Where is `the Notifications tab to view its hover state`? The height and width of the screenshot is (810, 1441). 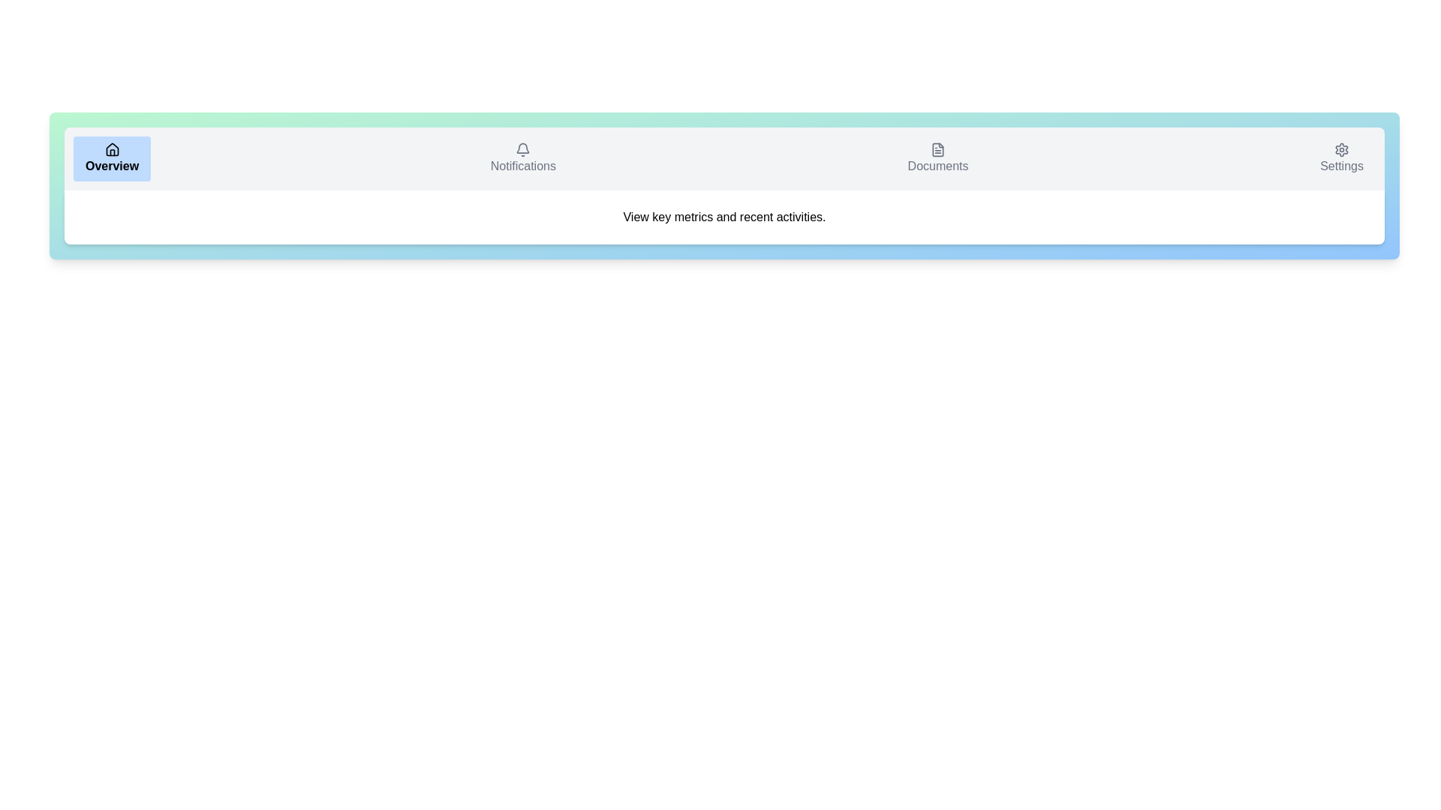
the Notifications tab to view its hover state is located at coordinates (522, 159).